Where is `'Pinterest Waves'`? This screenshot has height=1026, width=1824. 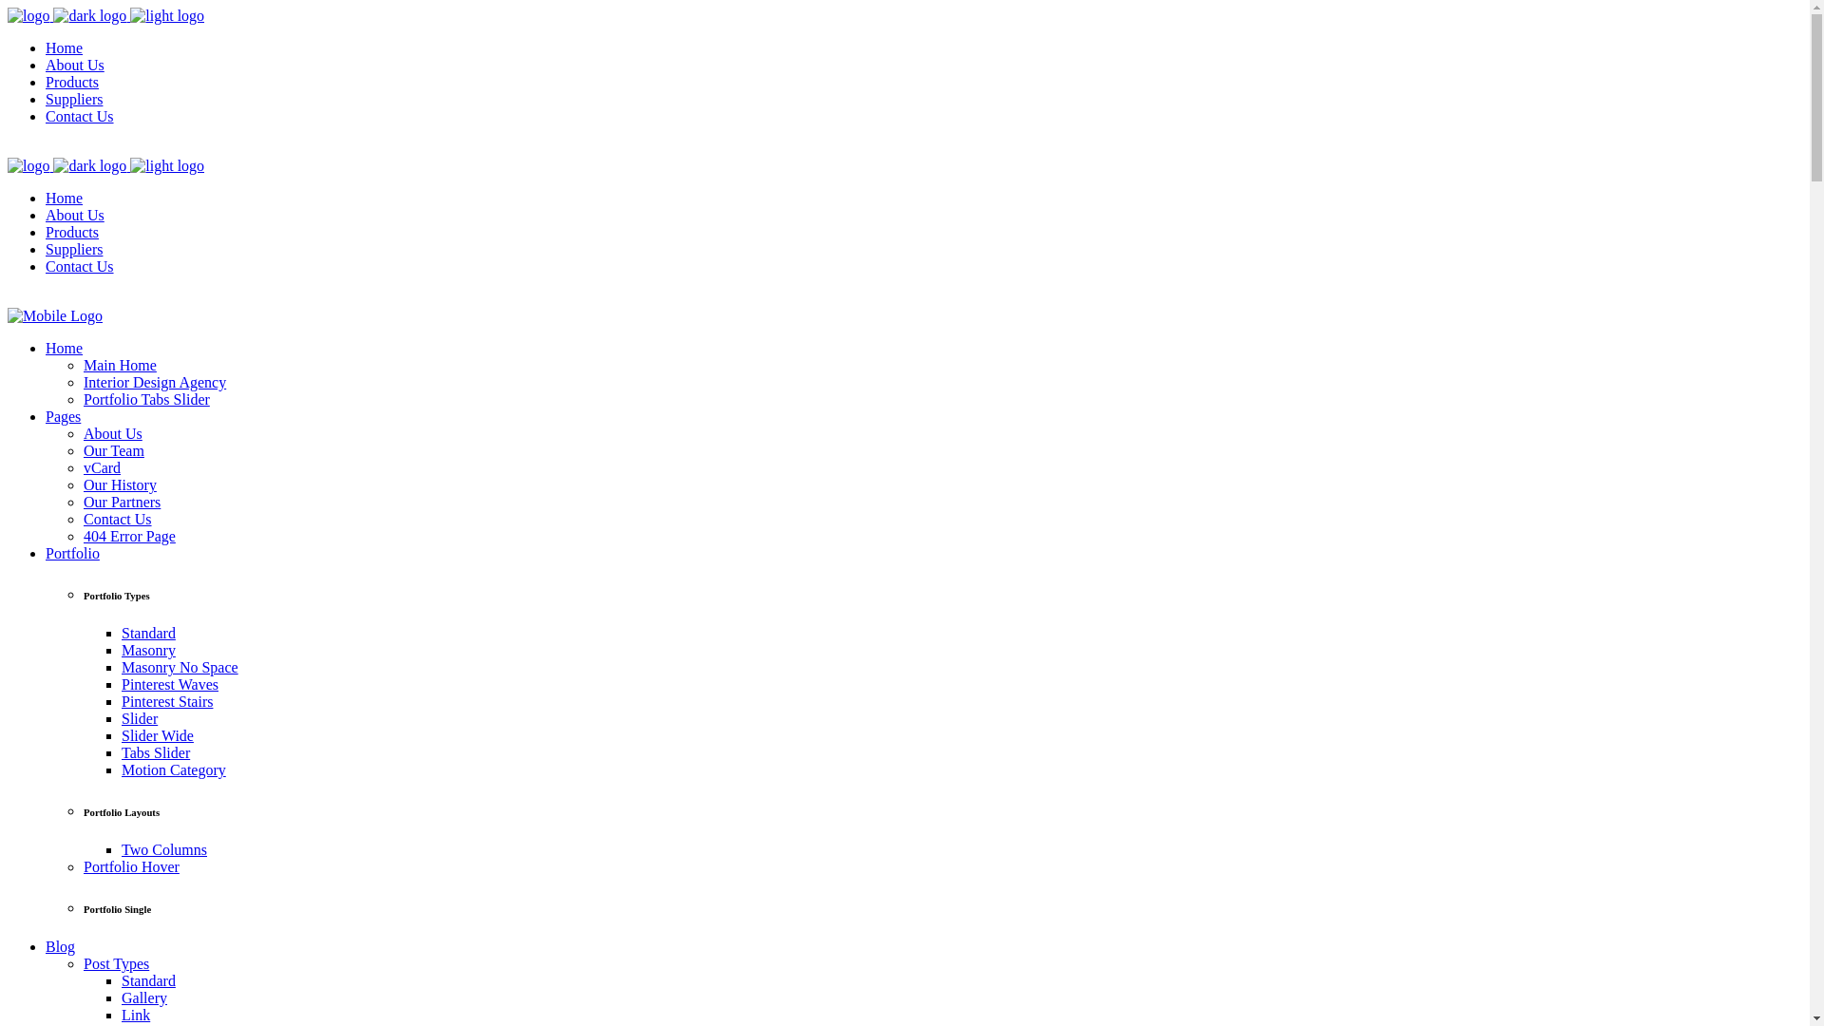 'Pinterest Waves' is located at coordinates (169, 684).